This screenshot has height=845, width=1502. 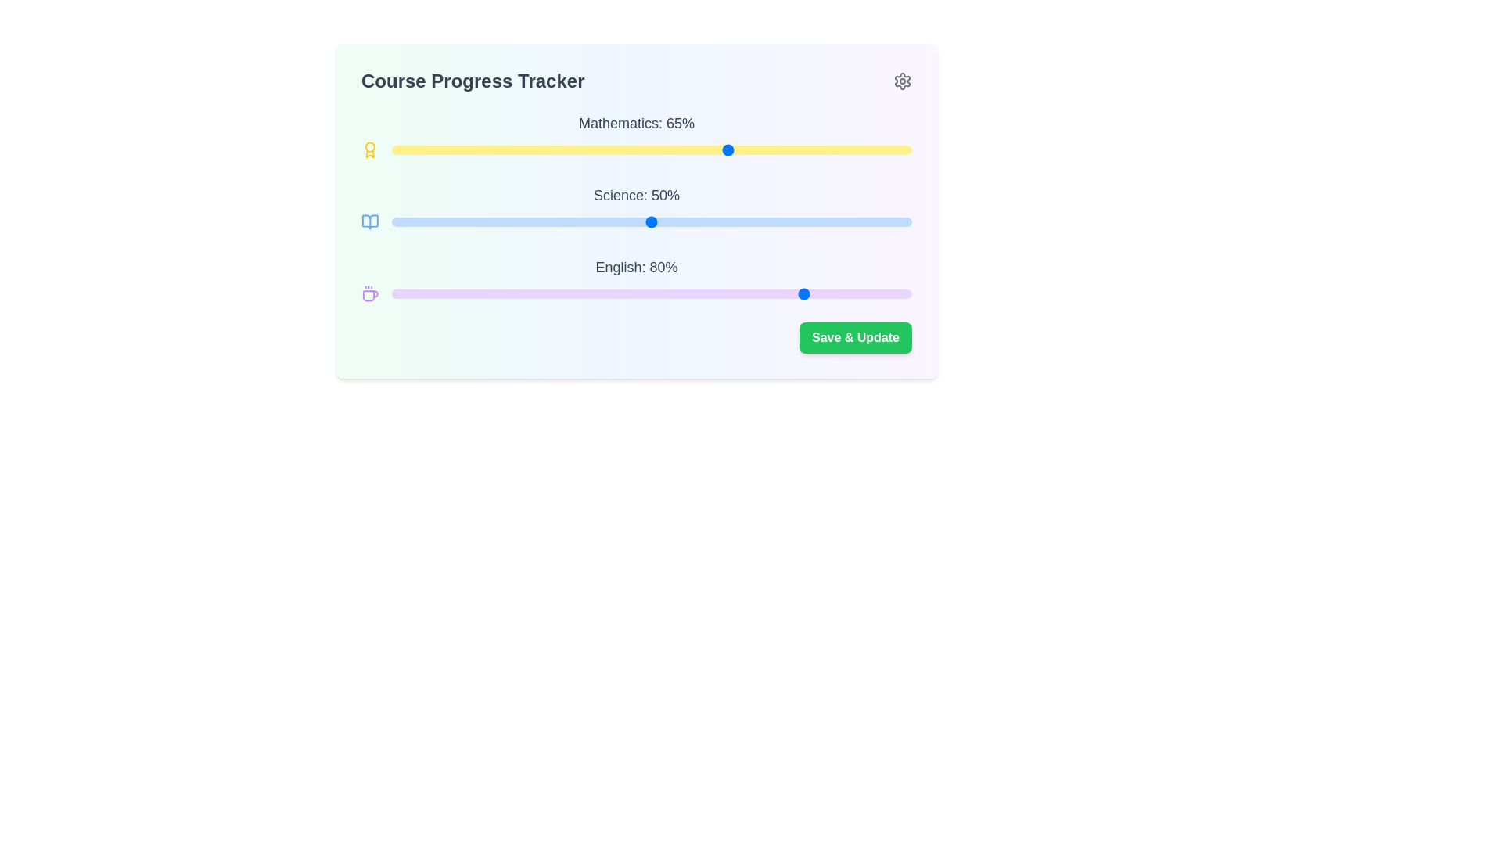 I want to click on the icon located to the left of the third progress bar representing 'English: 80%' in the Course Progress Tracker, so click(x=369, y=296).